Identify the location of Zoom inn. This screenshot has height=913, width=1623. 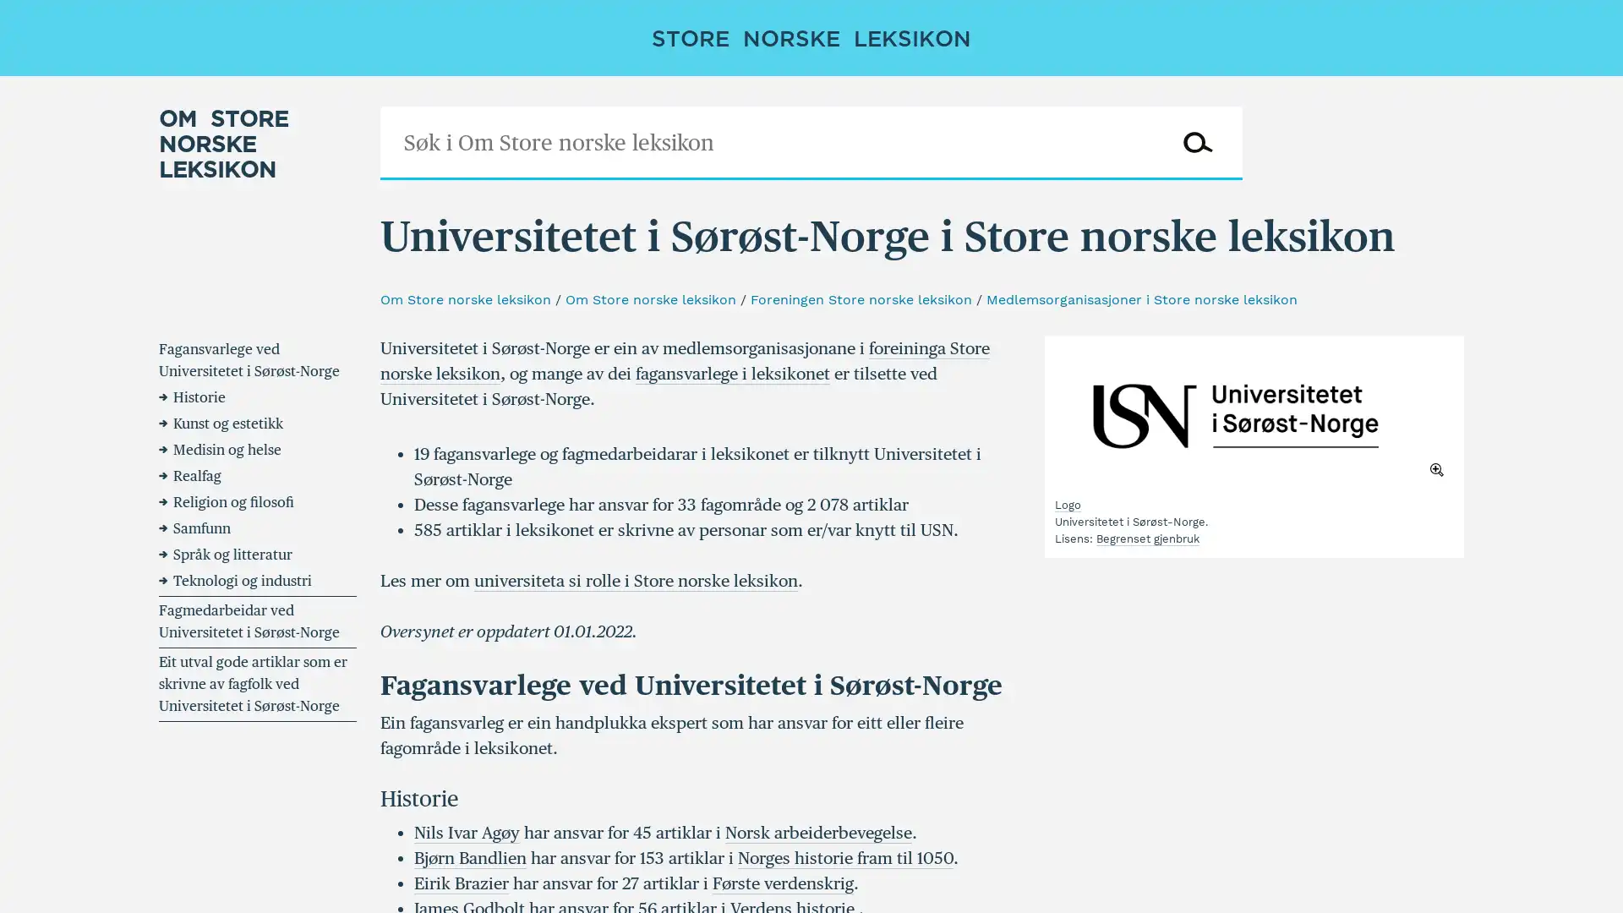
(1254, 416).